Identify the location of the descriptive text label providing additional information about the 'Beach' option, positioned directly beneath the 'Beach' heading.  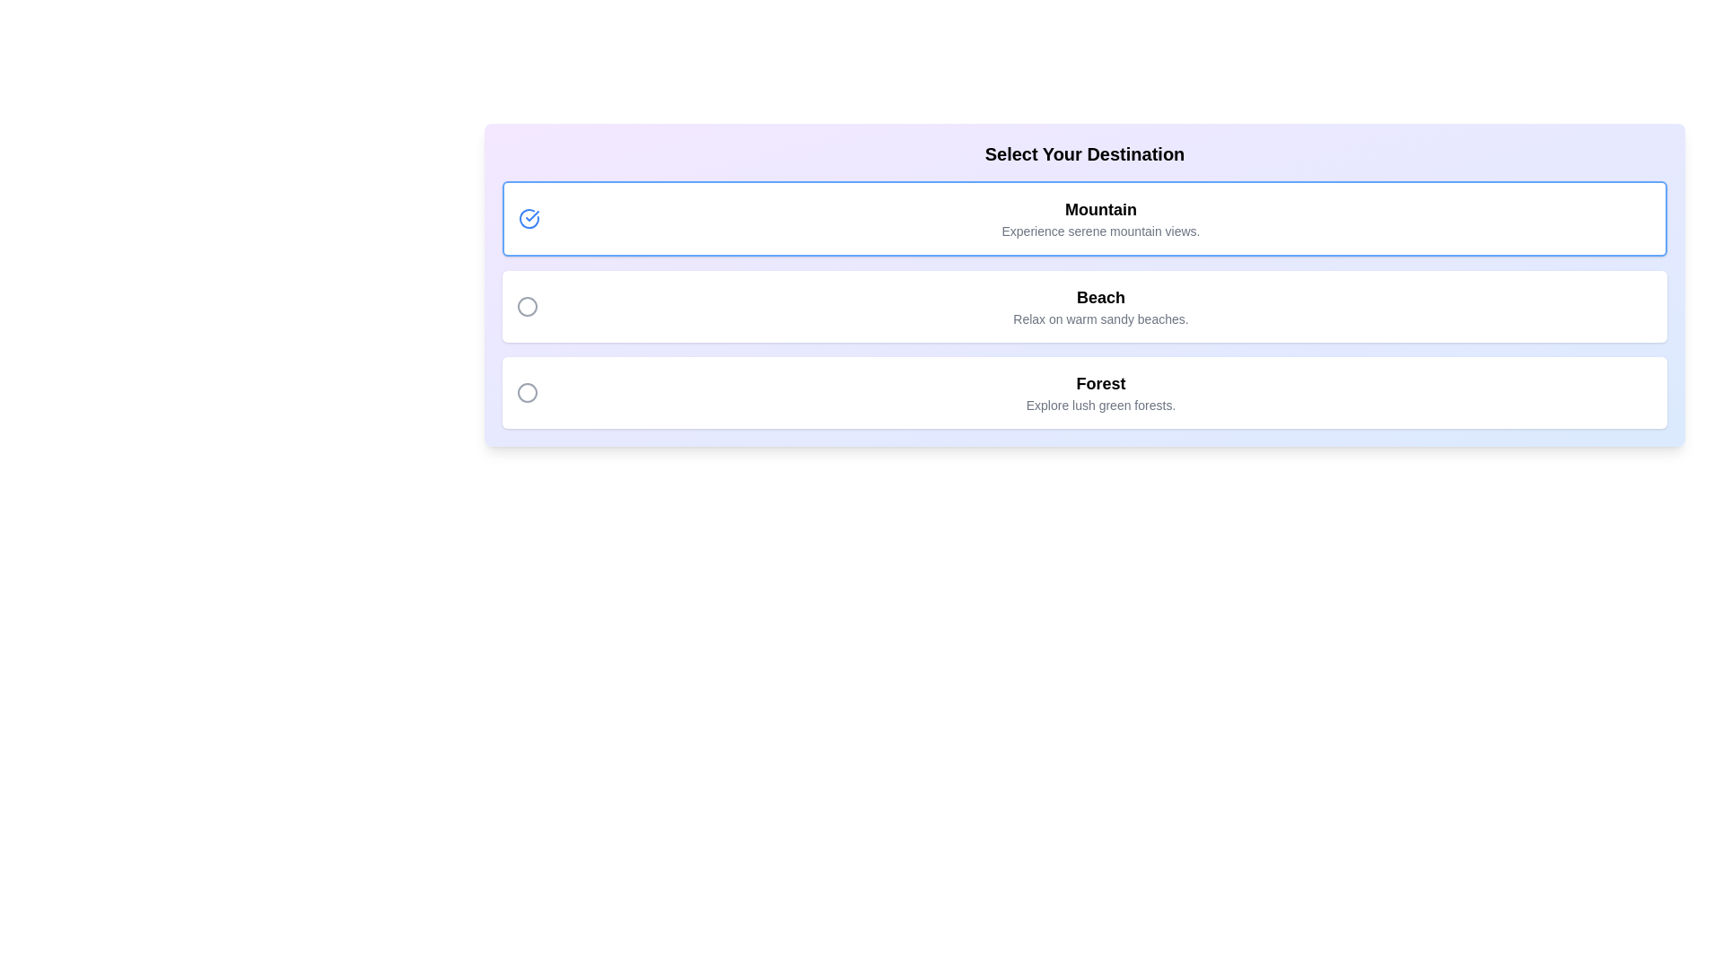
(1100, 318).